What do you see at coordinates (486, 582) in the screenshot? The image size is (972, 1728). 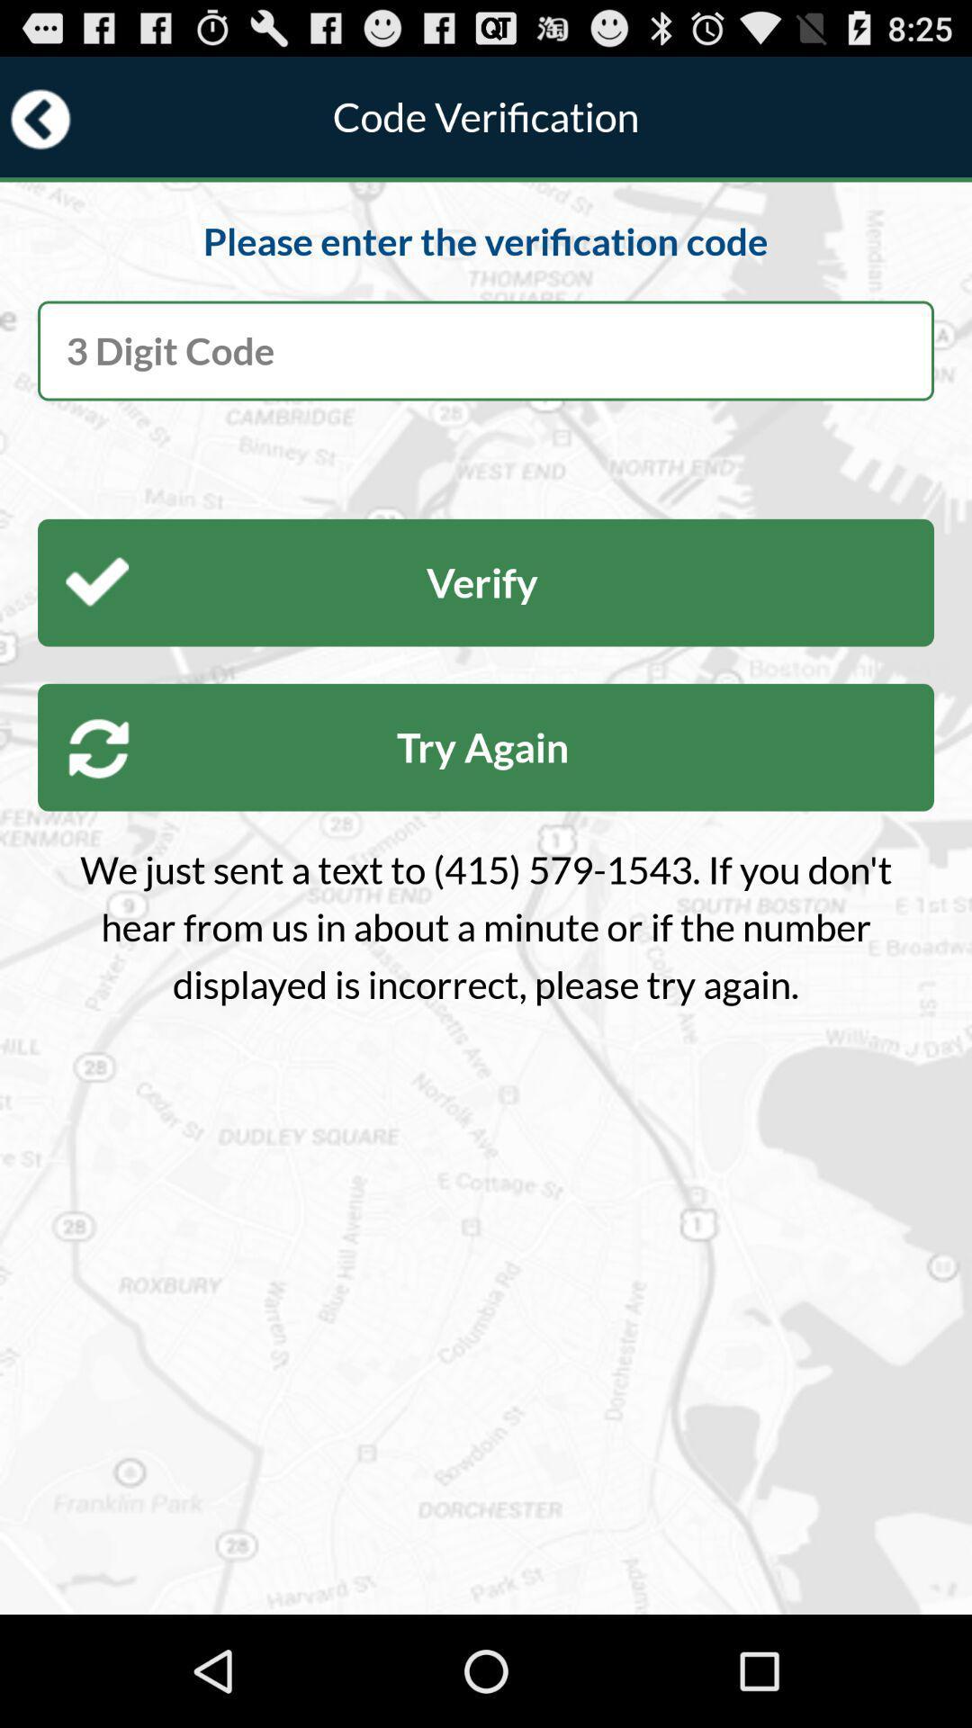 I see `item above try again item` at bounding box center [486, 582].